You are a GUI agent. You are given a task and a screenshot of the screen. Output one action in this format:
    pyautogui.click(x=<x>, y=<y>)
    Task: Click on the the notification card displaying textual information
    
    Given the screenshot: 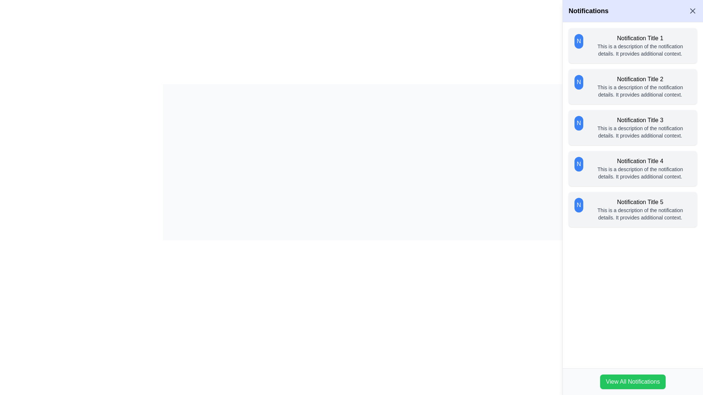 What is the action you would take?
    pyautogui.click(x=640, y=86)
    